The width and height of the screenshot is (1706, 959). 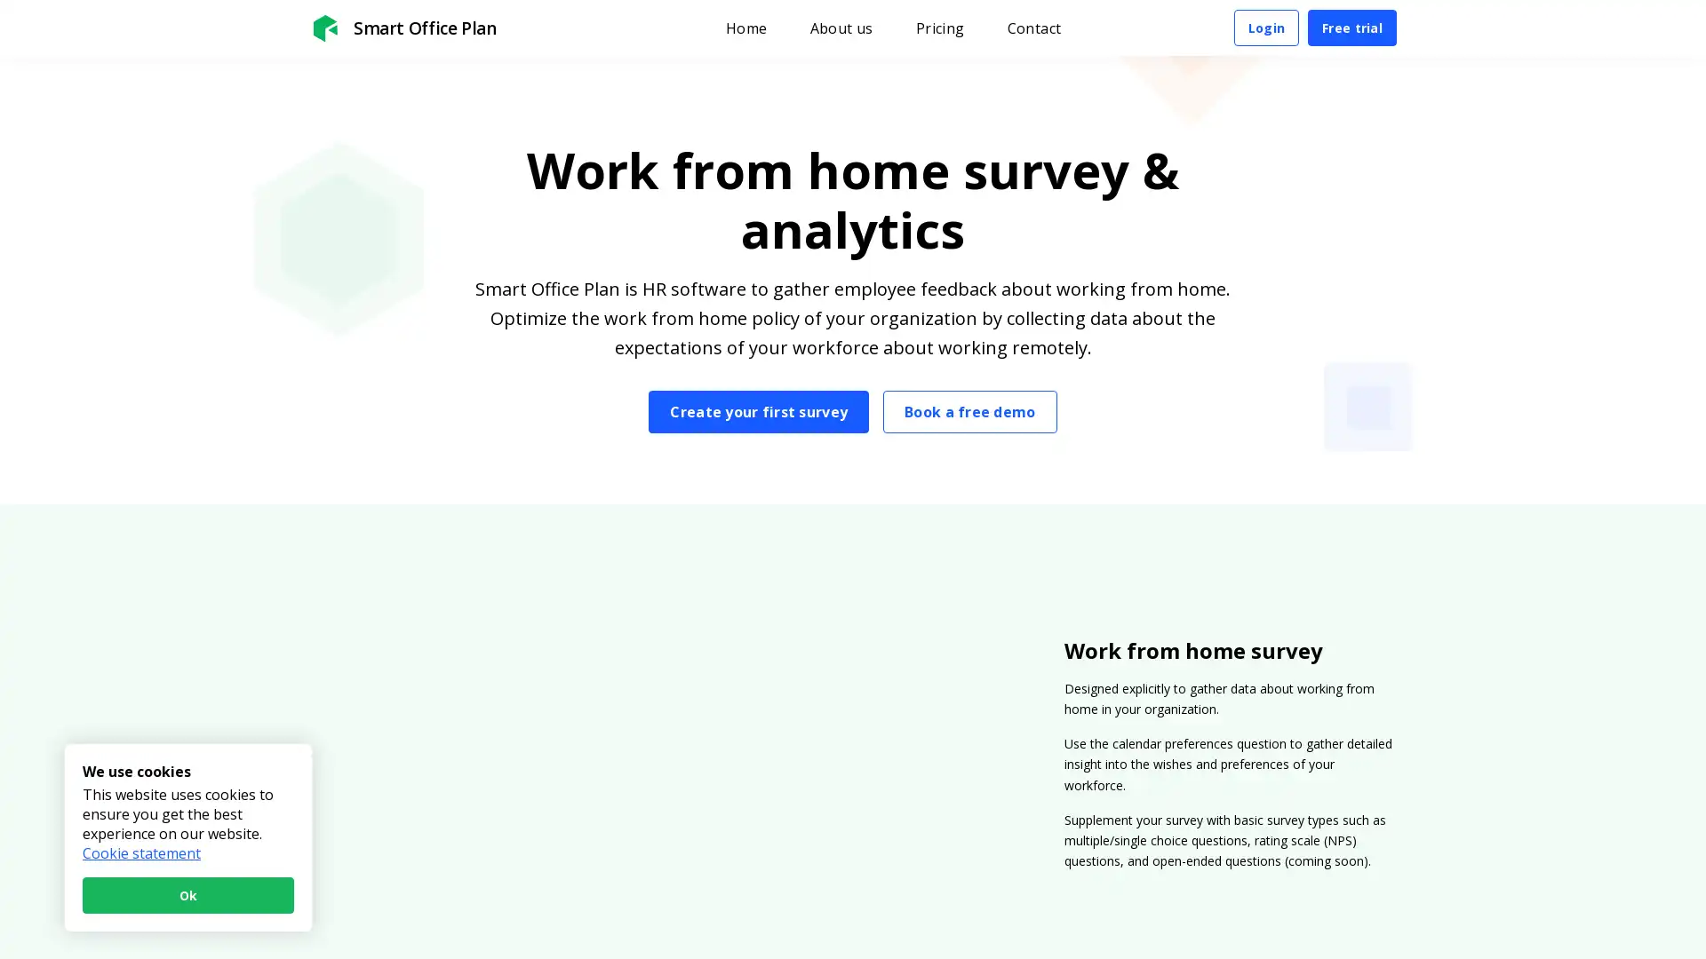 What do you see at coordinates (1351, 28) in the screenshot?
I see `Free trial` at bounding box center [1351, 28].